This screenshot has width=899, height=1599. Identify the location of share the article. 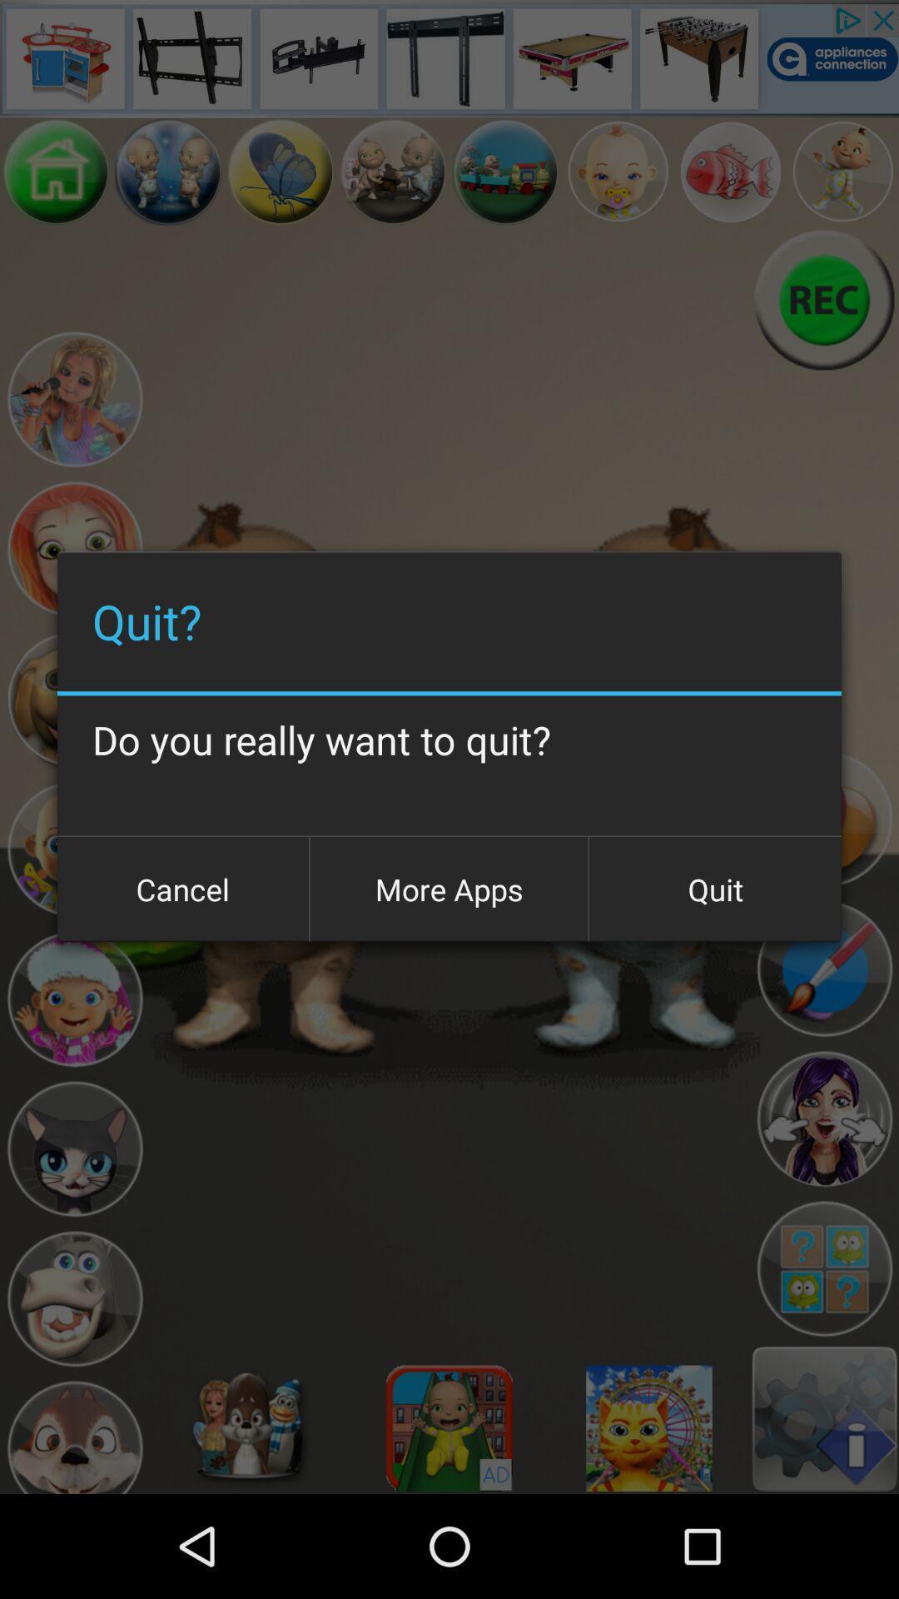
(824, 1119).